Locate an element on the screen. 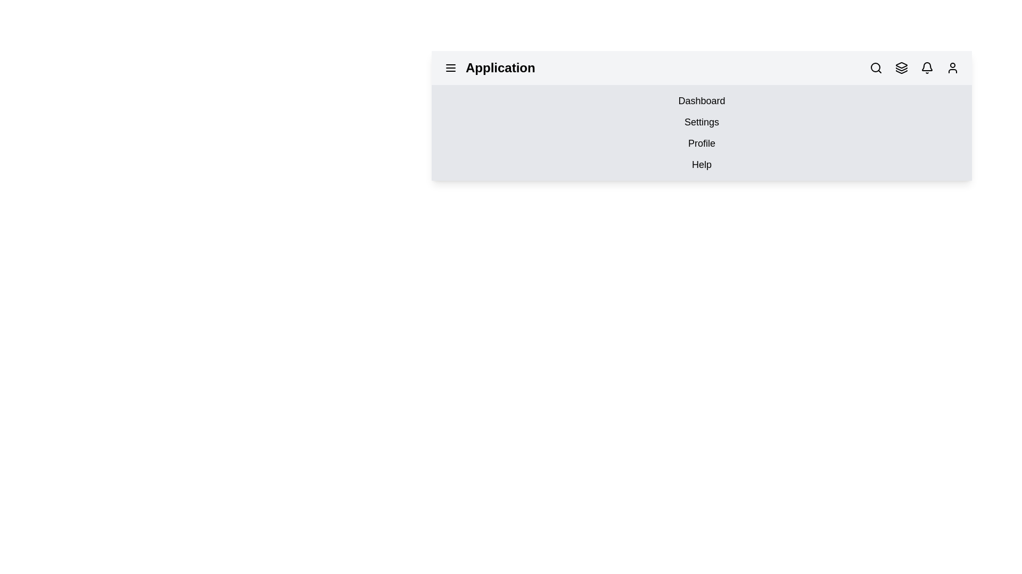 The width and height of the screenshot is (1022, 574). the menu option labeled Dashboard is located at coordinates (702, 100).